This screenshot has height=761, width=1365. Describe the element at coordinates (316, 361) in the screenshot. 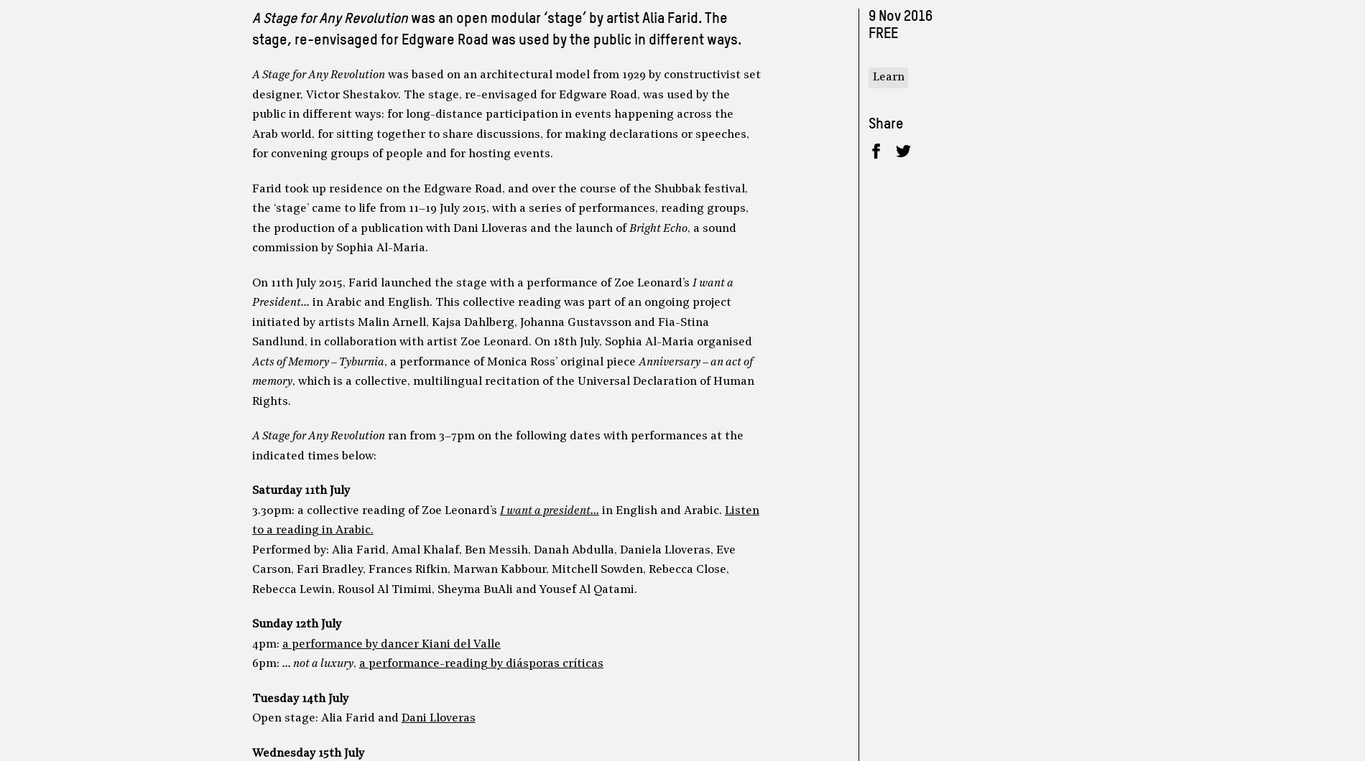

I see `'Acts of Memory – Tyburnia'` at that location.